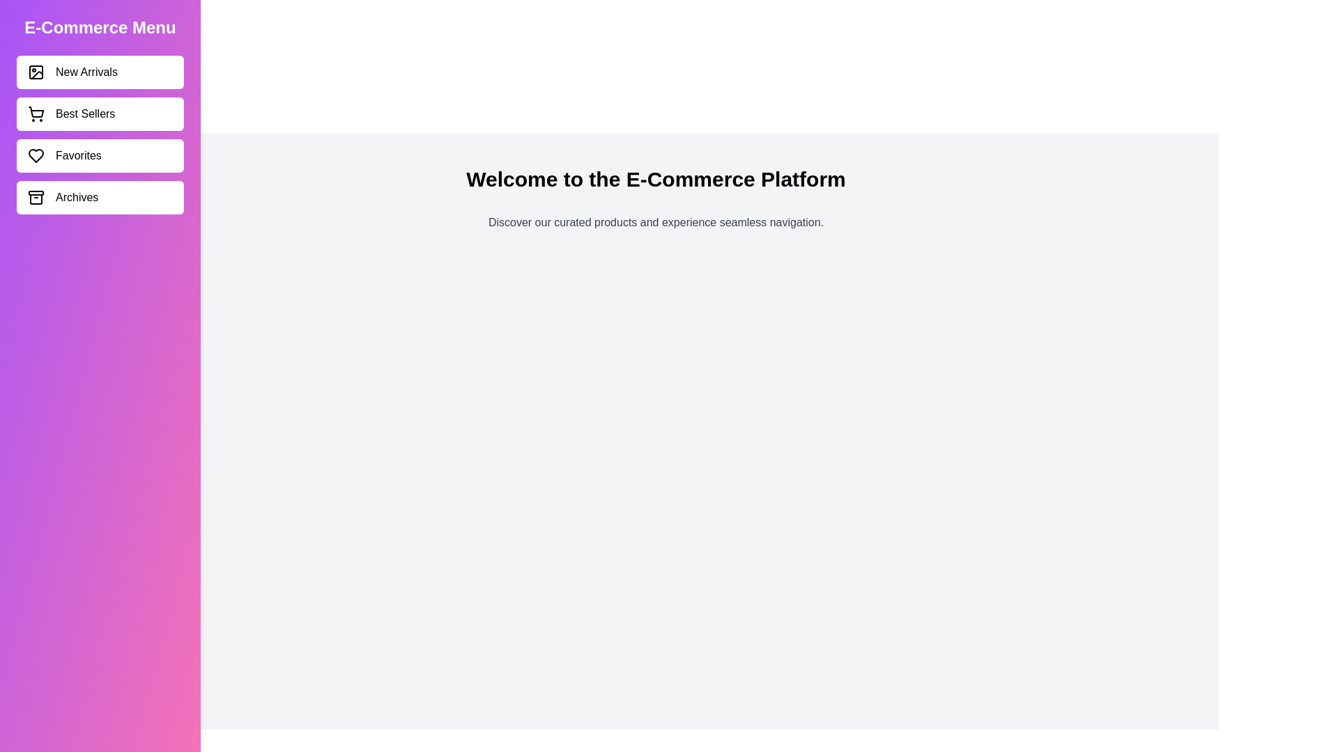 This screenshot has height=752, width=1338. Describe the element at coordinates (100, 72) in the screenshot. I see `the category New Arrivals in the sidebar` at that location.